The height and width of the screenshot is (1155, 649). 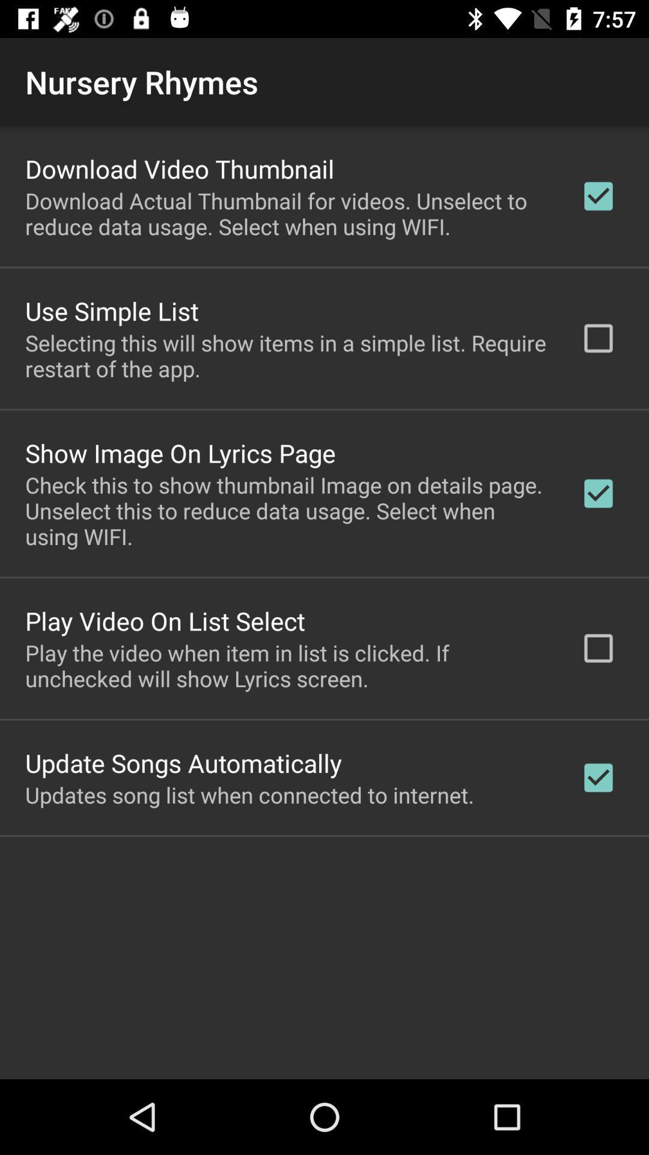 What do you see at coordinates (249, 795) in the screenshot?
I see `the updates song list icon` at bounding box center [249, 795].